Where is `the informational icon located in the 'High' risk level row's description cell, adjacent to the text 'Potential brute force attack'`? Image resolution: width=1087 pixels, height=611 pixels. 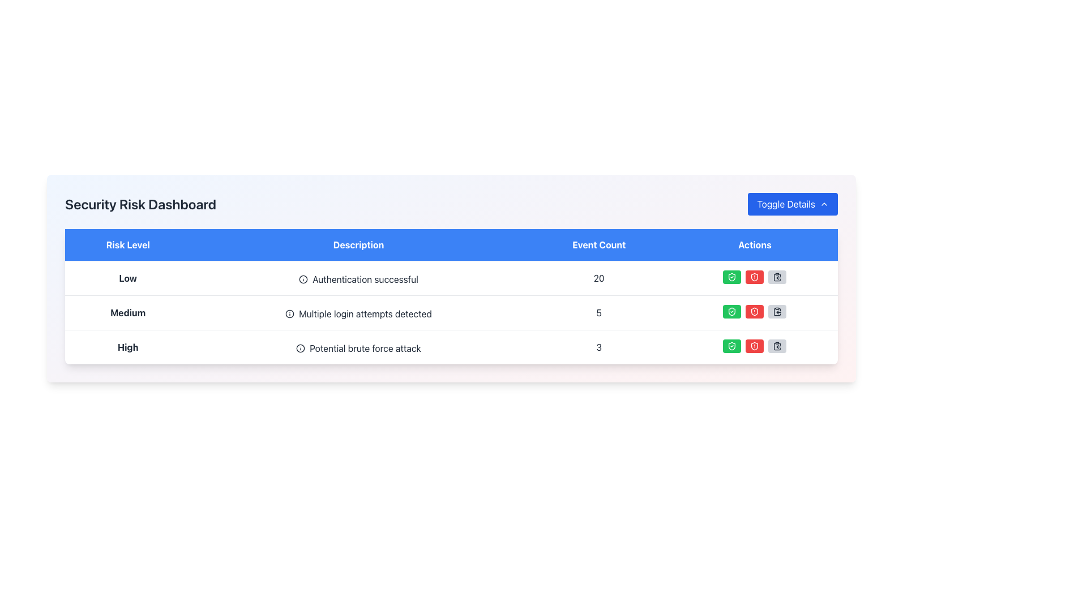 the informational icon located in the 'High' risk level row's description cell, adjacent to the text 'Potential brute force attack' is located at coordinates (301, 348).